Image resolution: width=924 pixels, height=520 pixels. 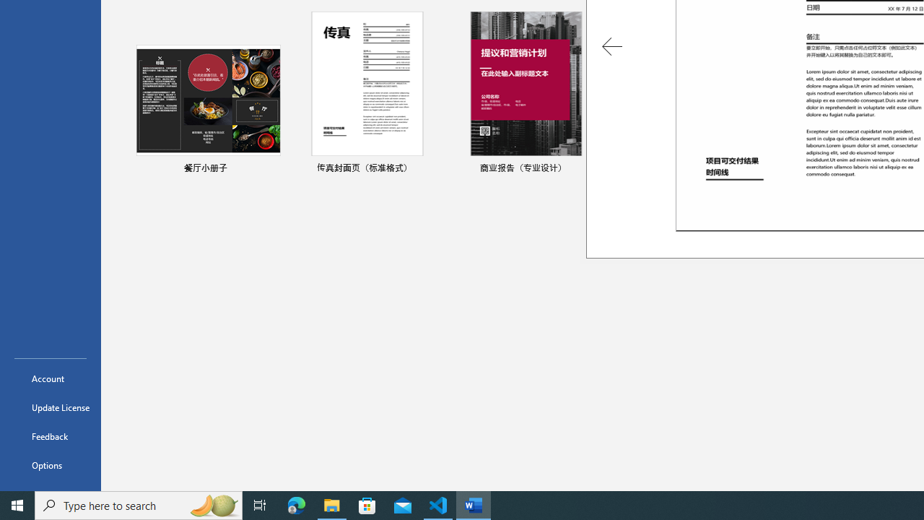 I want to click on 'Account', so click(x=50, y=378).